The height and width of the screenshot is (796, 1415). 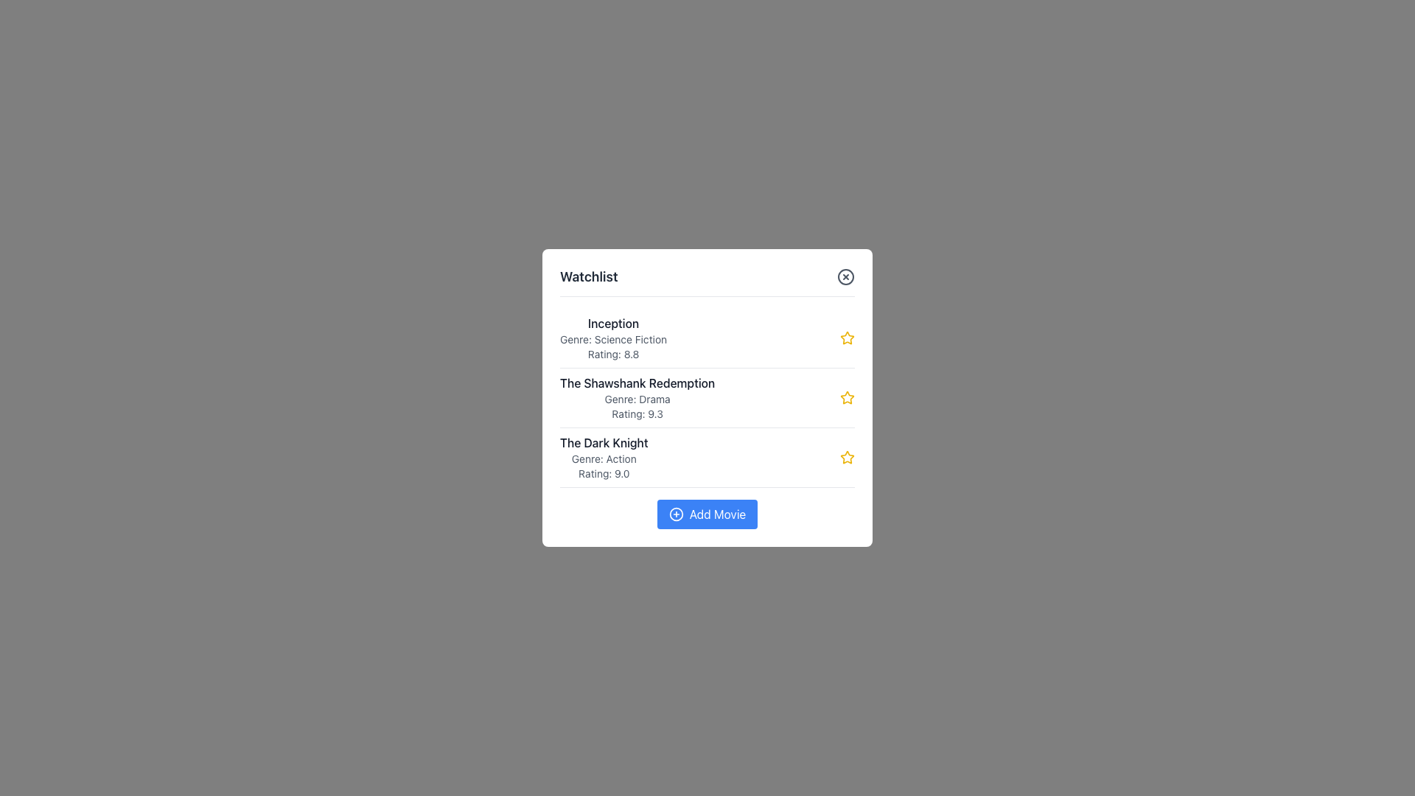 I want to click on the movie information list item for 'The Dark Knight', so click(x=707, y=457).